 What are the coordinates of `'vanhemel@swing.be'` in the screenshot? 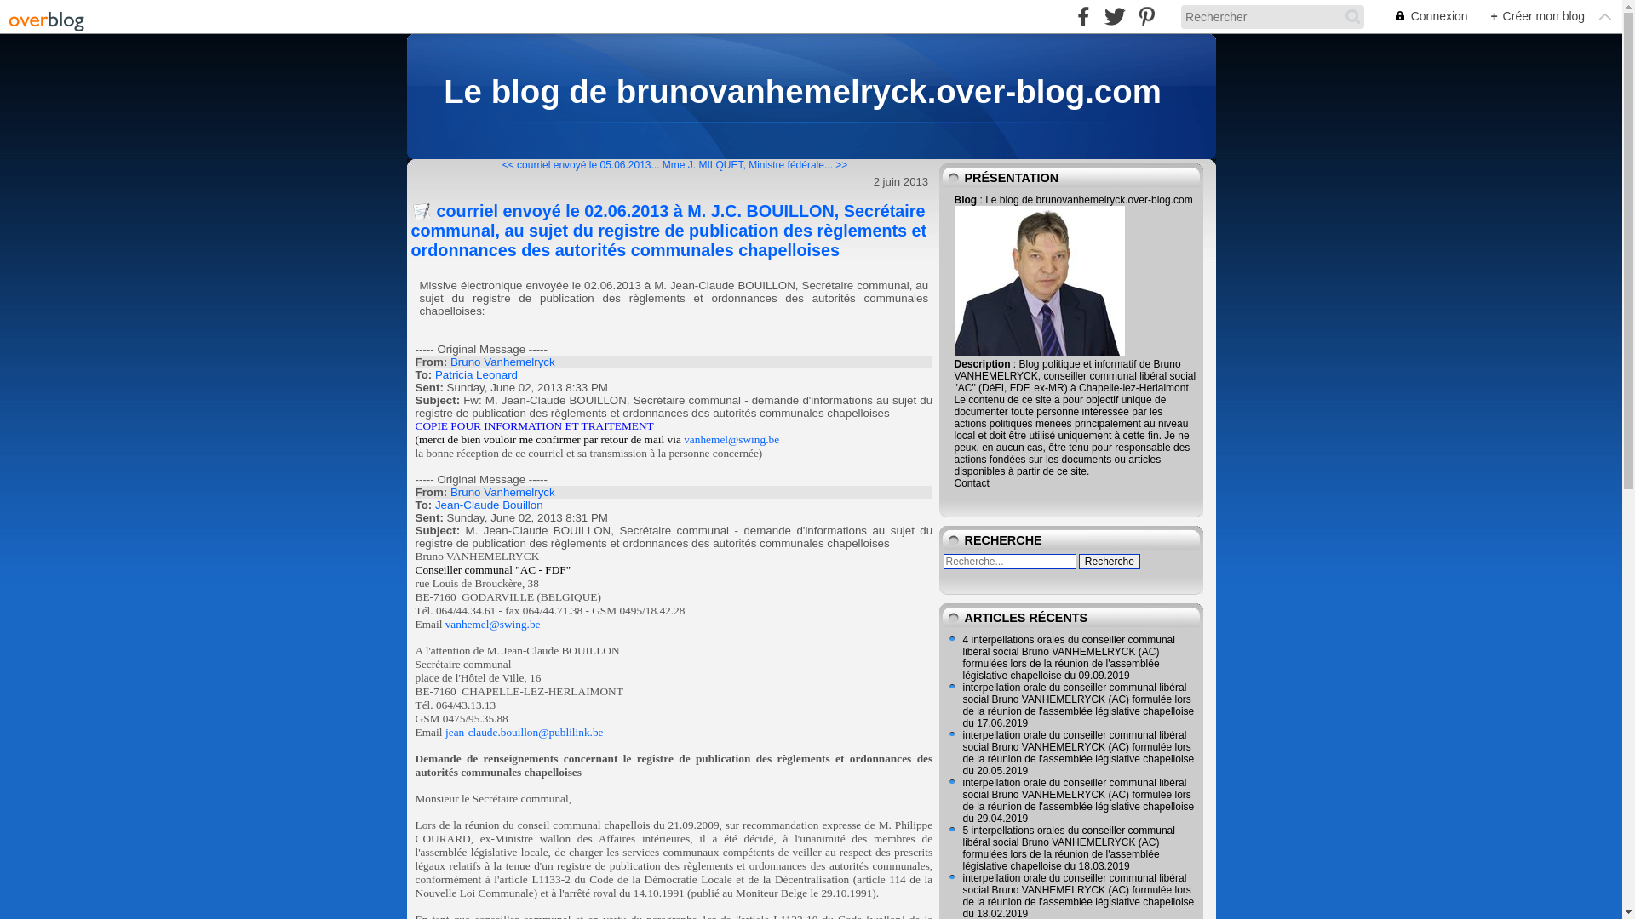 It's located at (683, 438).